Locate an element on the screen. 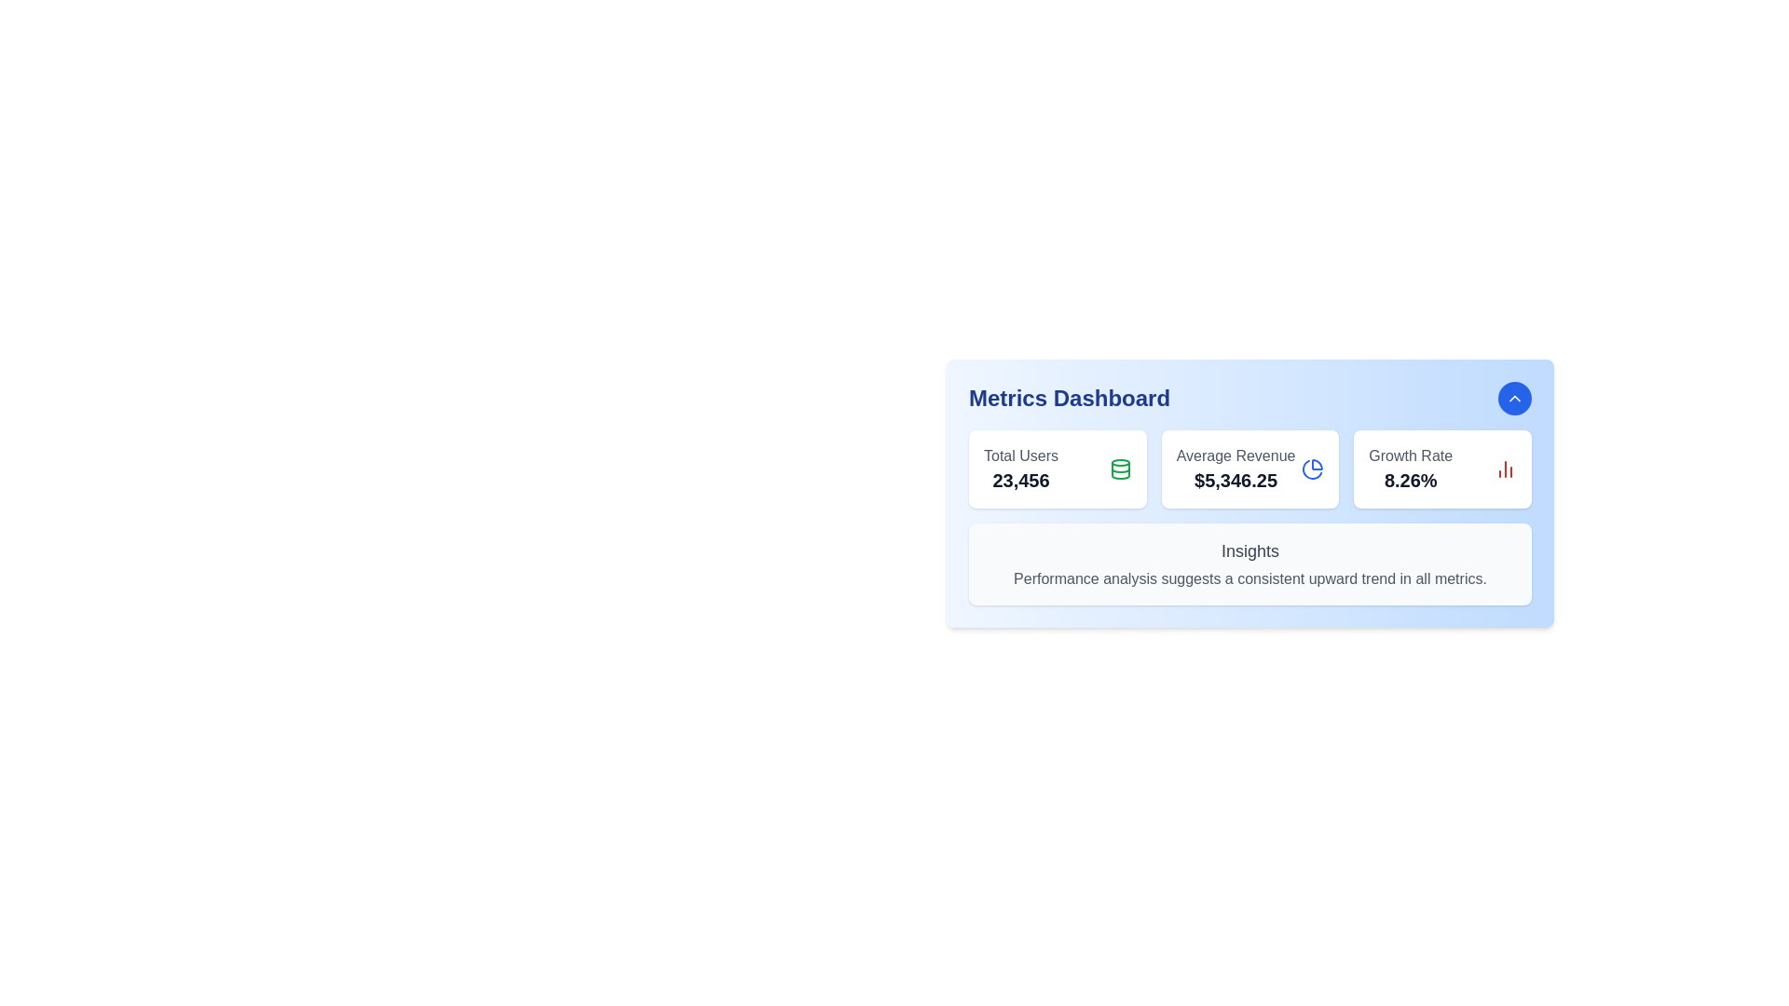  the 'Growth Rate' card in the Metrics Dashboard section, which displays a numerical percentage '8.26%' and a red bar chart icon is located at coordinates (1441, 469).